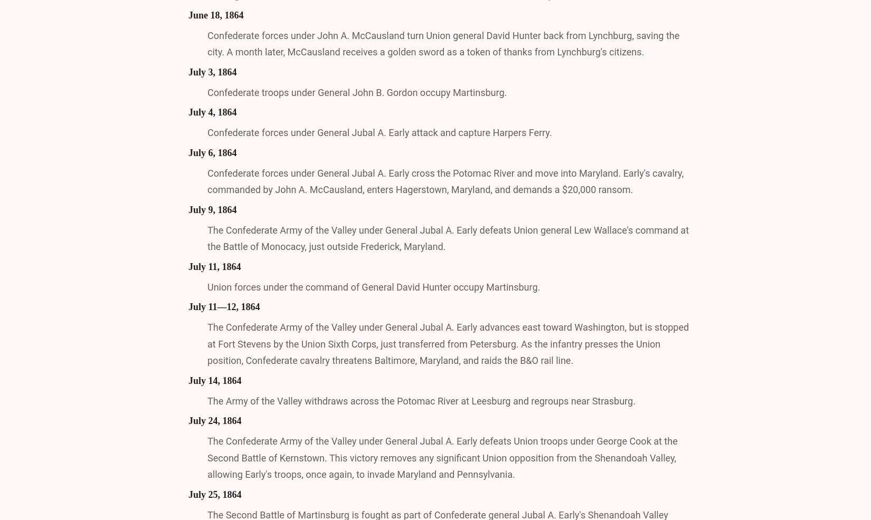 The height and width of the screenshot is (520, 871). Describe the element at coordinates (215, 379) in the screenshot. I see `'July 14, 1864'` at that location.